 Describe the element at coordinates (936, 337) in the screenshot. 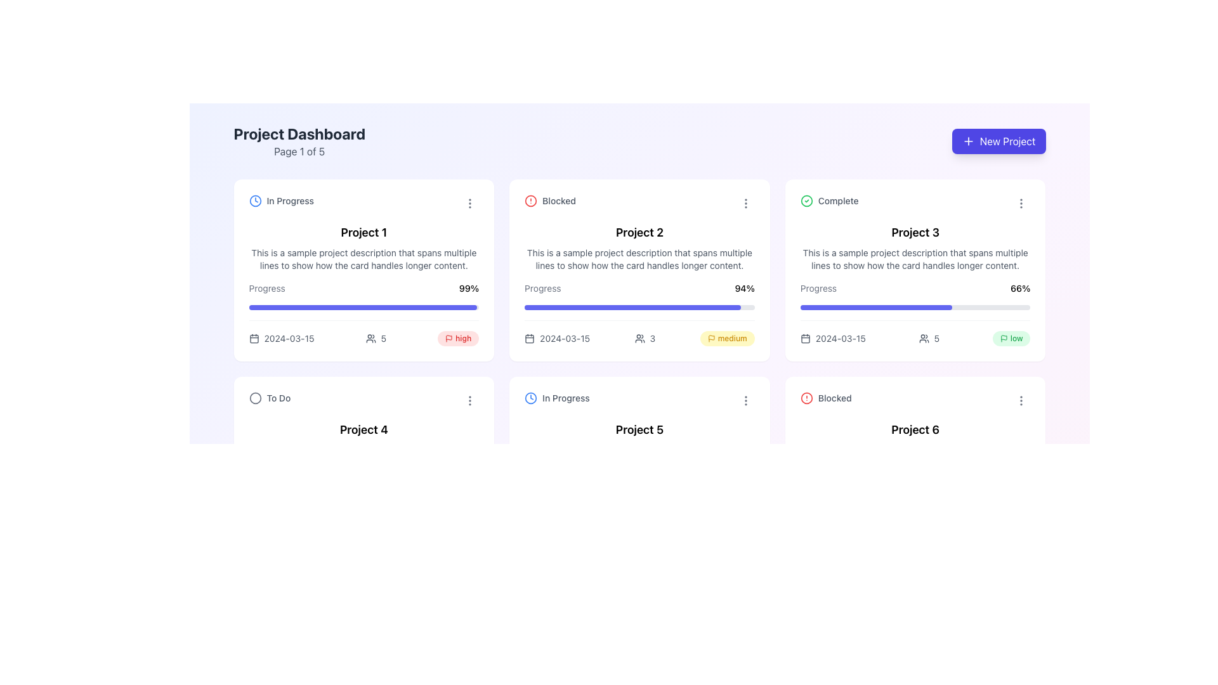

I see `the small gray textual number '5' label located to the right of the calendar icon and above the progress label` at that location.